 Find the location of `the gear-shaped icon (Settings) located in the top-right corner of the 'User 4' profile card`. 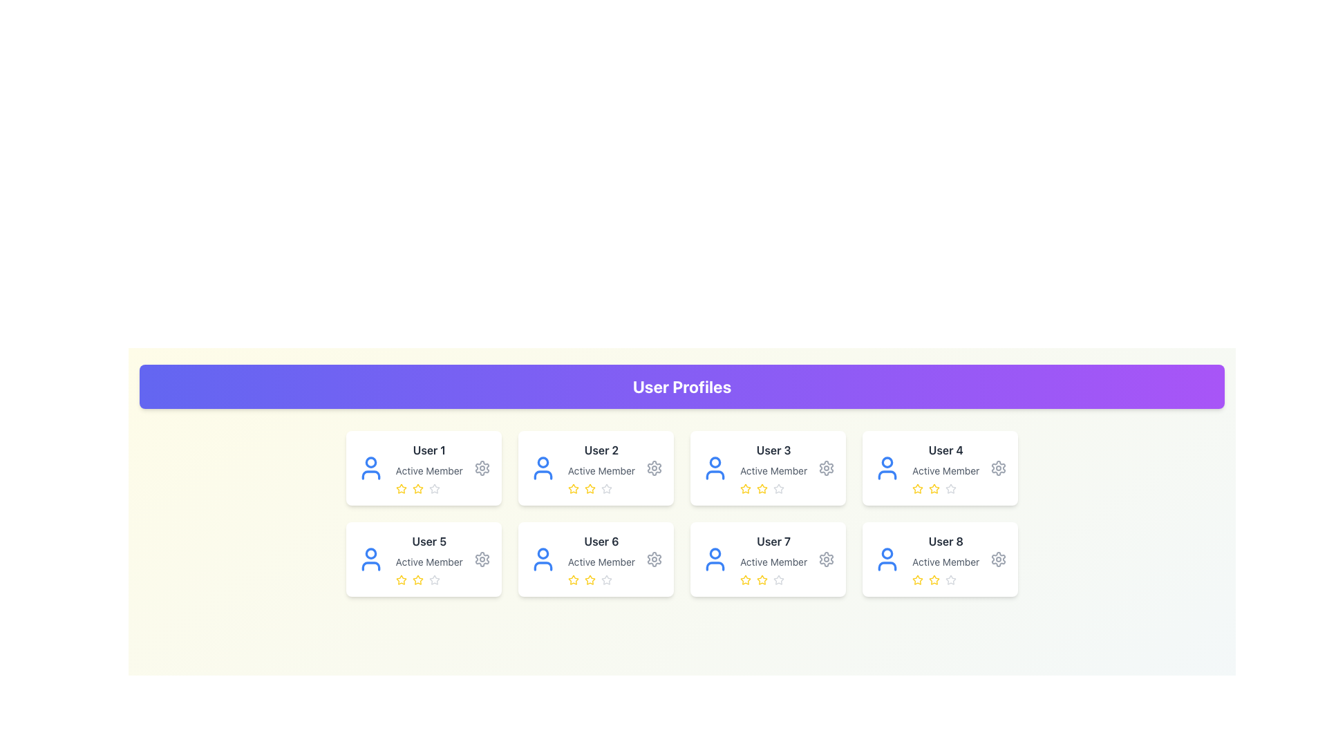

the gear-shaped icon (Settings) located in the top-right corner of the 'User 4' profile card is located at coordinates (999, 468).